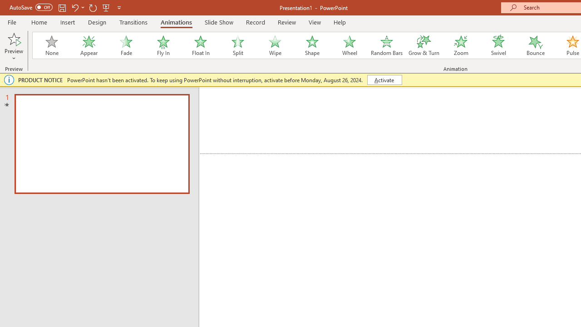 The image size is (581, 327). Describe the element at coordinates (237, 45) in the screenshot. I see `'Split'` at that location.